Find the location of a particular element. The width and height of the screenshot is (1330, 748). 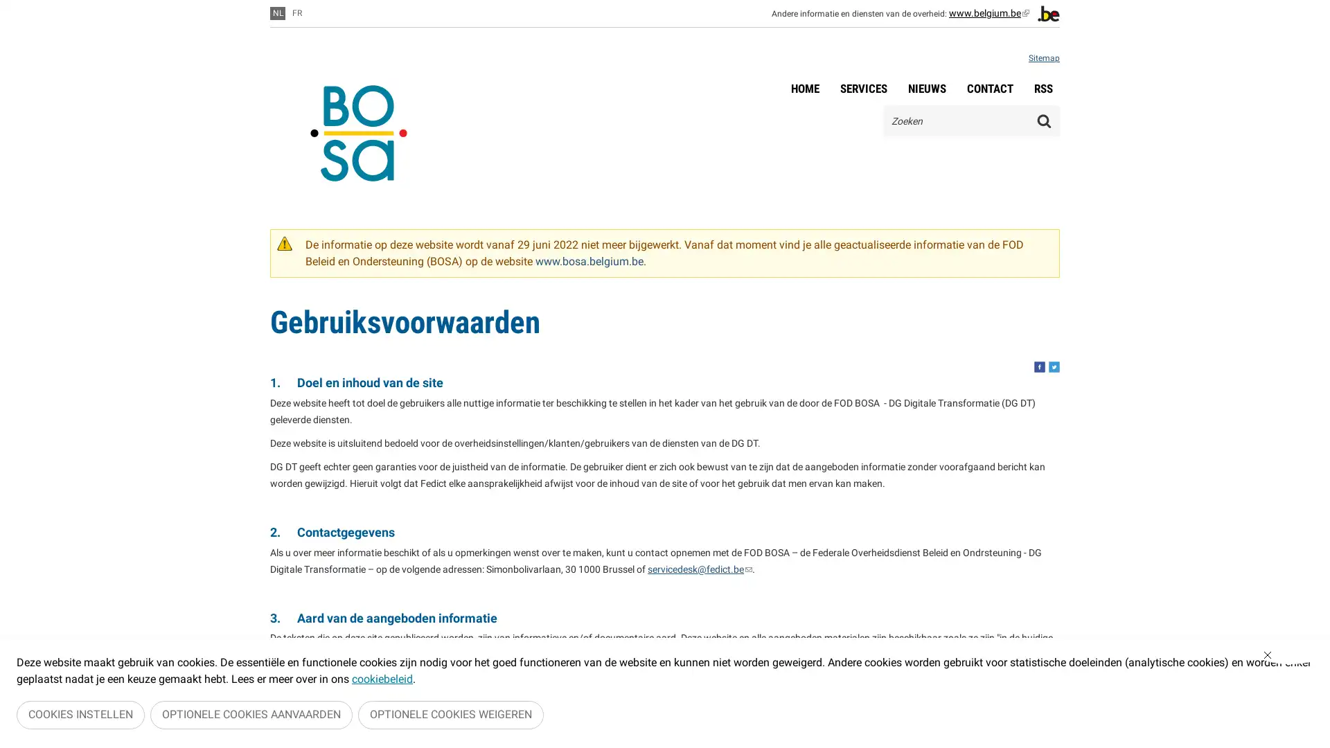

Share this, facebook. This button opens a new window is located at coordinates (1040, 366).